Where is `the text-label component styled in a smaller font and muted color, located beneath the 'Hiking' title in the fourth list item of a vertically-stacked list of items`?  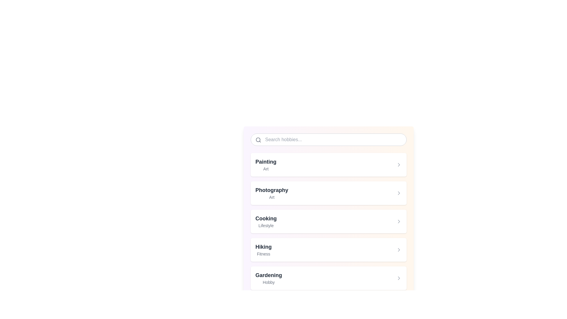 the text-label component styled in a smaller font and muted color, located beneath the 'Hiking' title in the fourth list item of a vertically-stacked list of items is located at coordinates (263, 254).